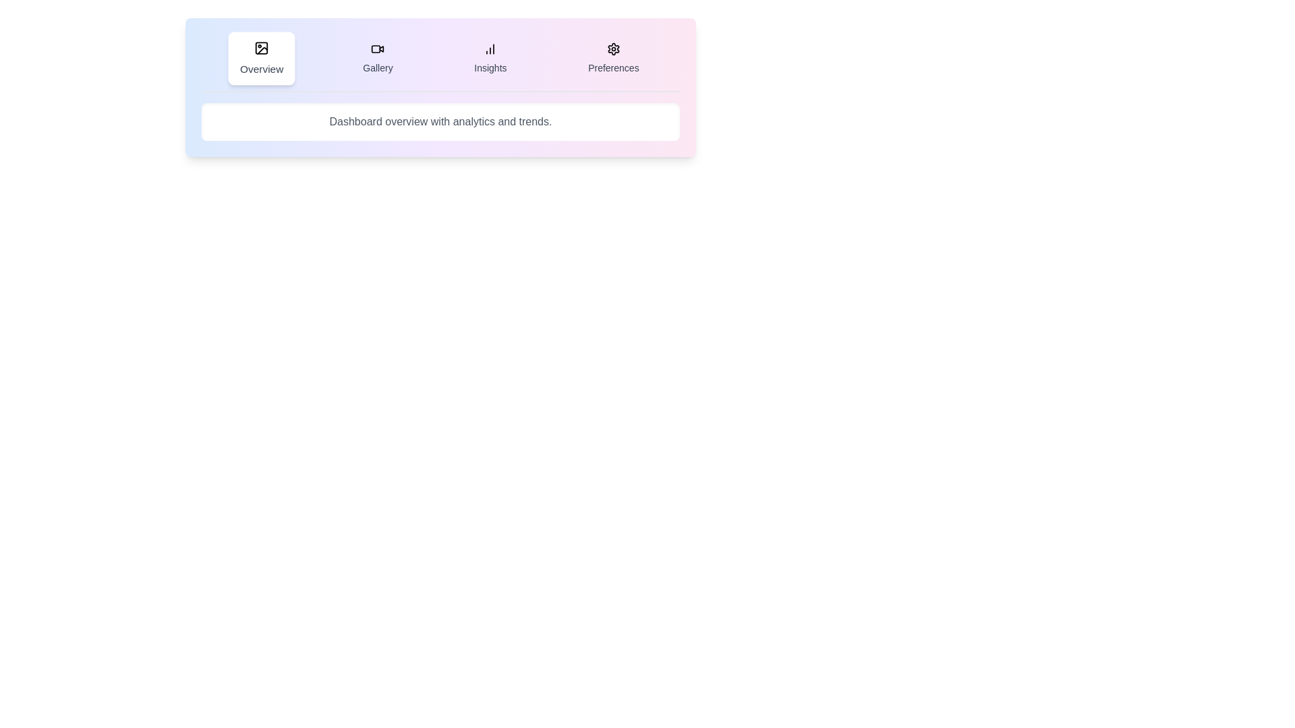 The height and width of the screenshot is (728, 1295). I want to click on the Insights tab, so click(489, 58).